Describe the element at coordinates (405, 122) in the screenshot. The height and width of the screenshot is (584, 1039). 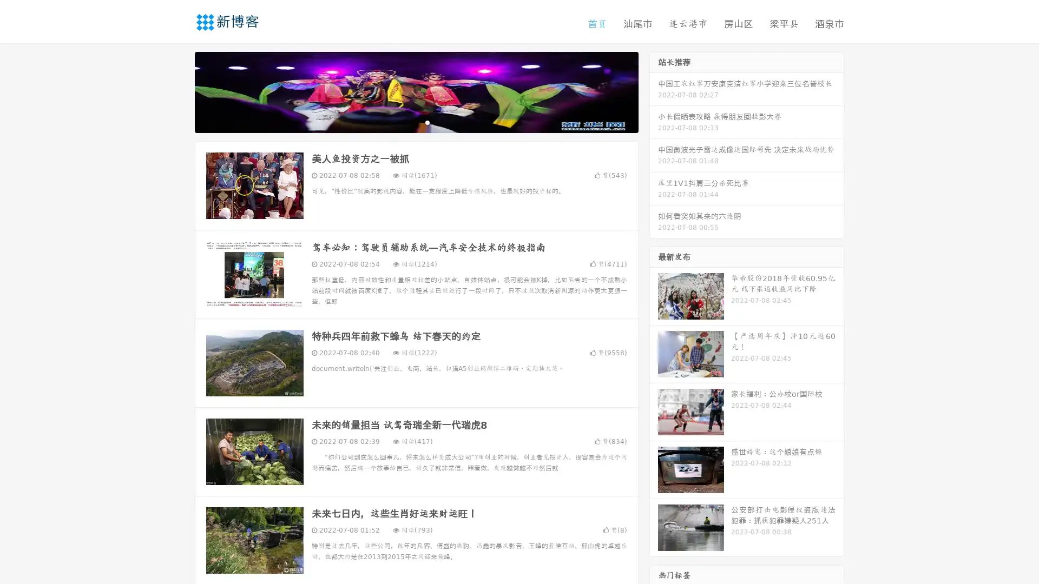
I see `Go to slide 1` at that location.